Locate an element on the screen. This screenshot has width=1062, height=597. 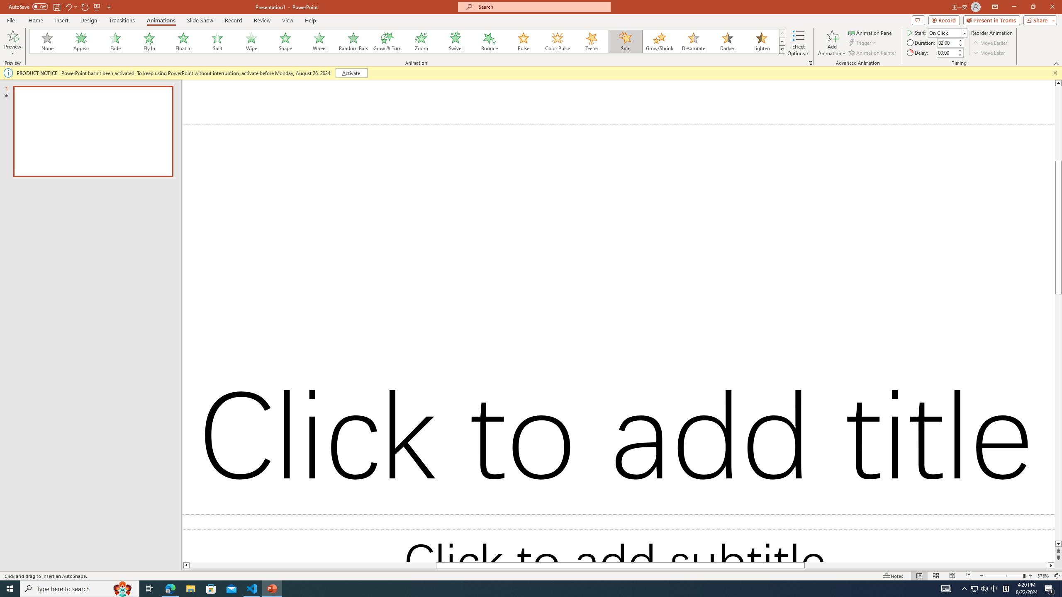
'Grow & Turn' is located at coordinates (387, 41).